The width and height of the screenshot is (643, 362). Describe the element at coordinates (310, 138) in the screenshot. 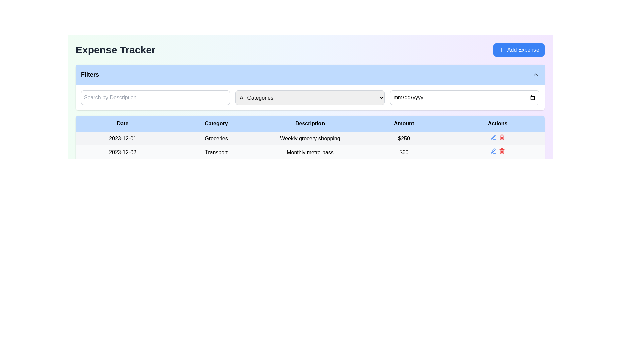

I see `information displayed in the first row of the expense summary table, which includes details such as date, category, description, and amount` at that location.